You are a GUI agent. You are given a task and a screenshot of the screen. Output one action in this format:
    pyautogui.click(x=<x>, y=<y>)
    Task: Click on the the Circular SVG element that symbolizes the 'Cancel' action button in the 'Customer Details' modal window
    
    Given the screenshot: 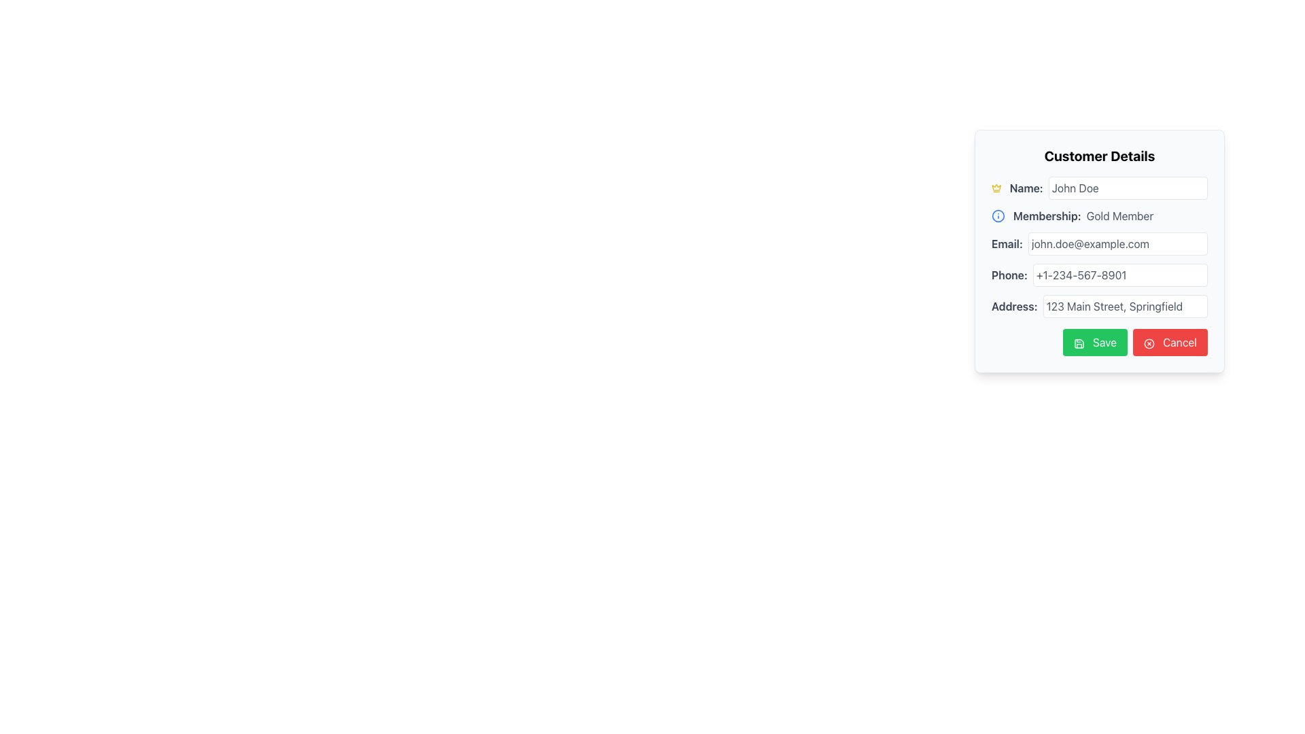 What is the action you would take?
    pyautogui.click(x=1148, y=343)
    